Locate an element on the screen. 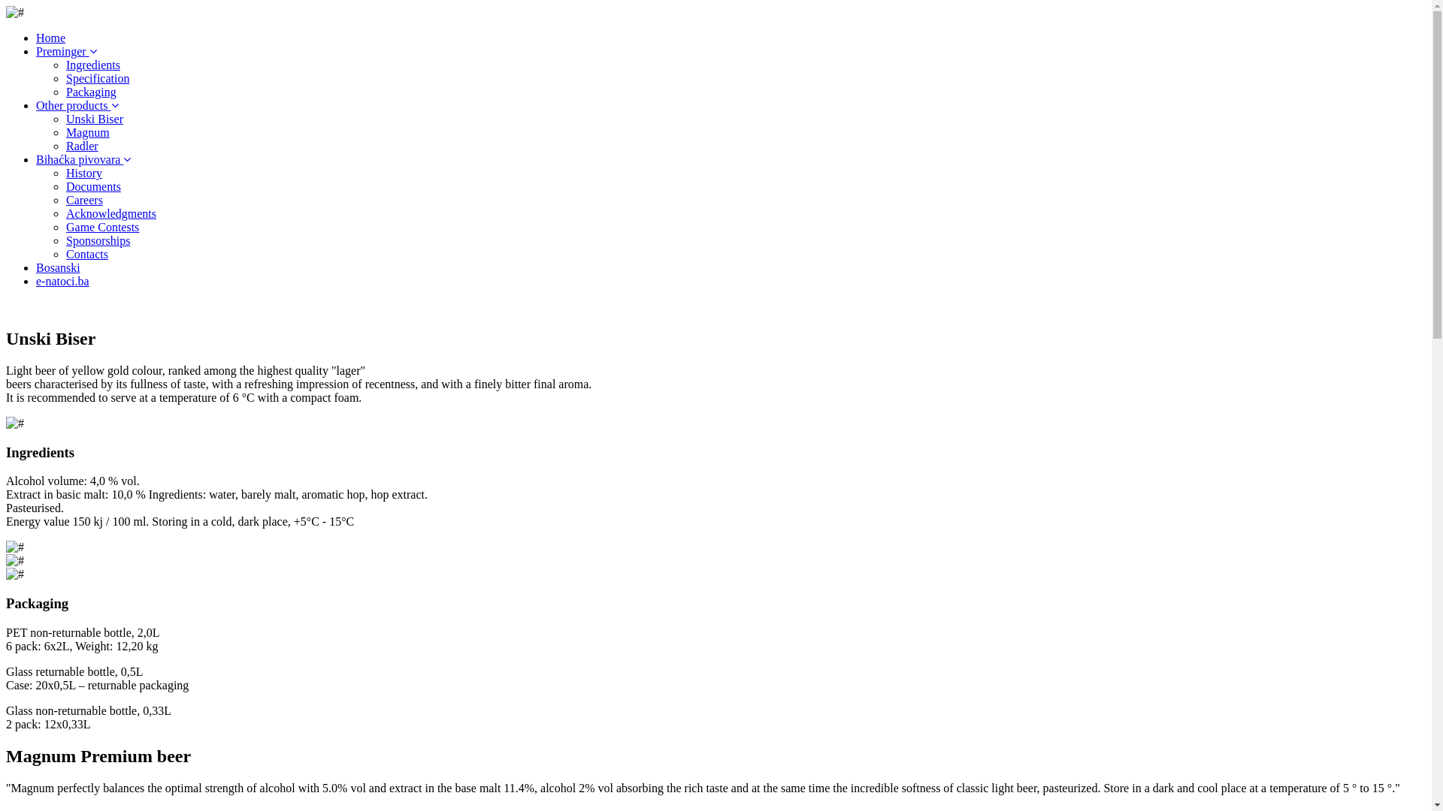 Image resolution: width=1443 pixels, height=811 pixels. 'History' is located at coordinates (65, 172).